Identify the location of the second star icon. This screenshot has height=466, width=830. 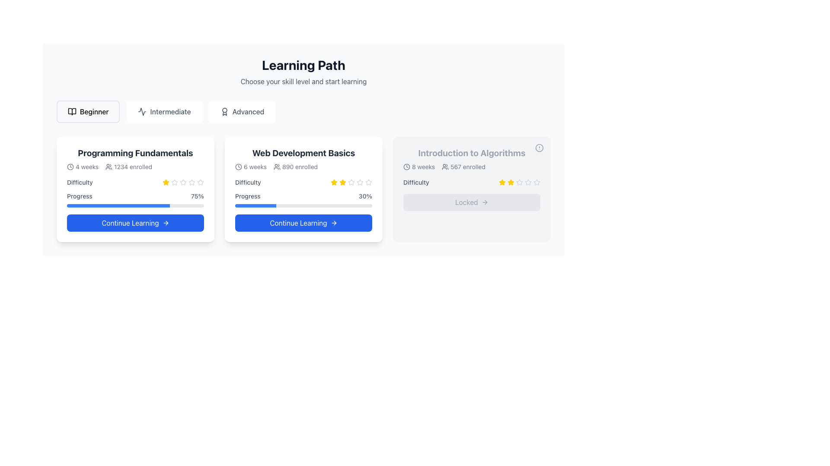
(174, 182).